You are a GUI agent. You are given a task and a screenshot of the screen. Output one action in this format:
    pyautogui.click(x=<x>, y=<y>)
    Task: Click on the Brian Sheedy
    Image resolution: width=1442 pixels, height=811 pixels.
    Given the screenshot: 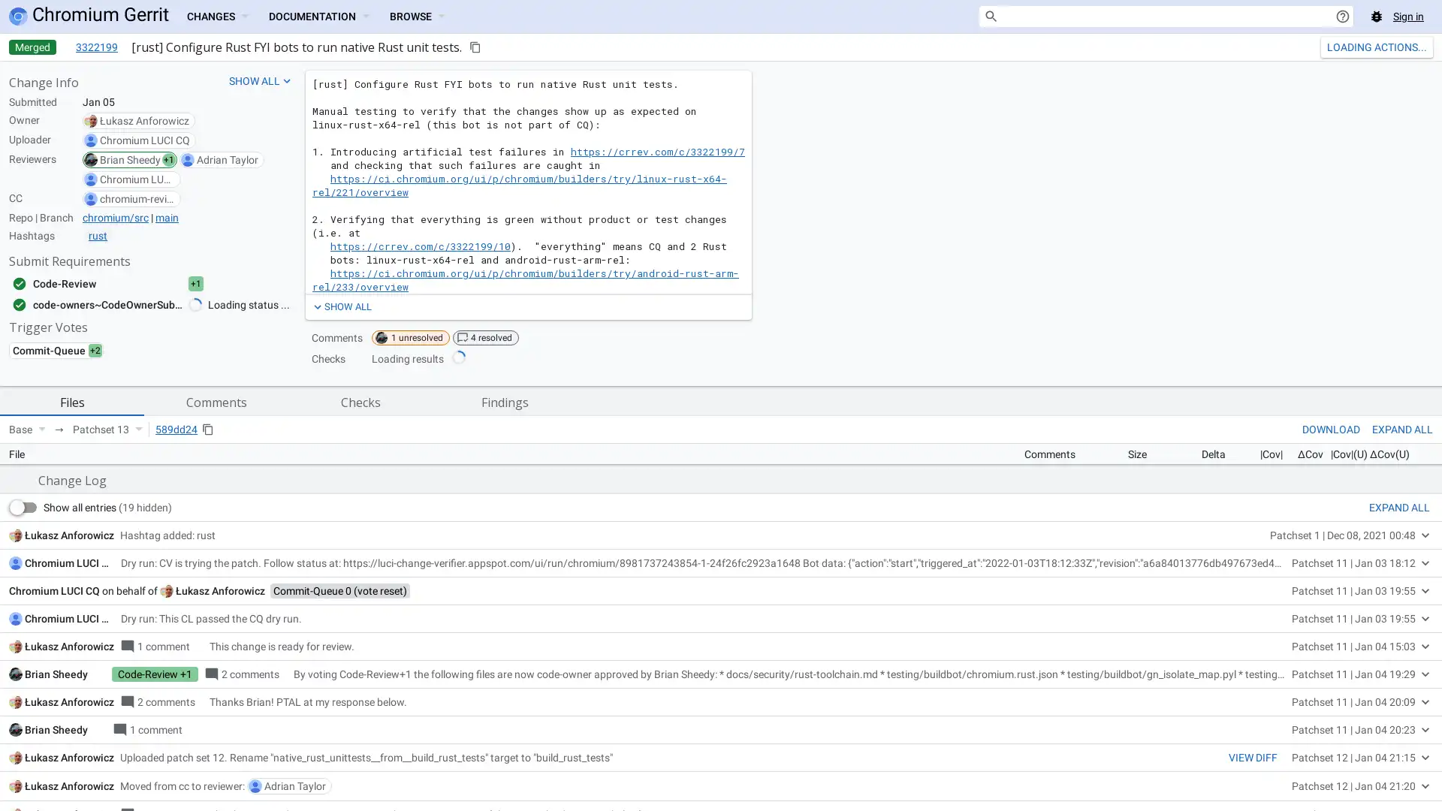 What is the action you would take?
    pyautogui.click(x=130, y=159)
    